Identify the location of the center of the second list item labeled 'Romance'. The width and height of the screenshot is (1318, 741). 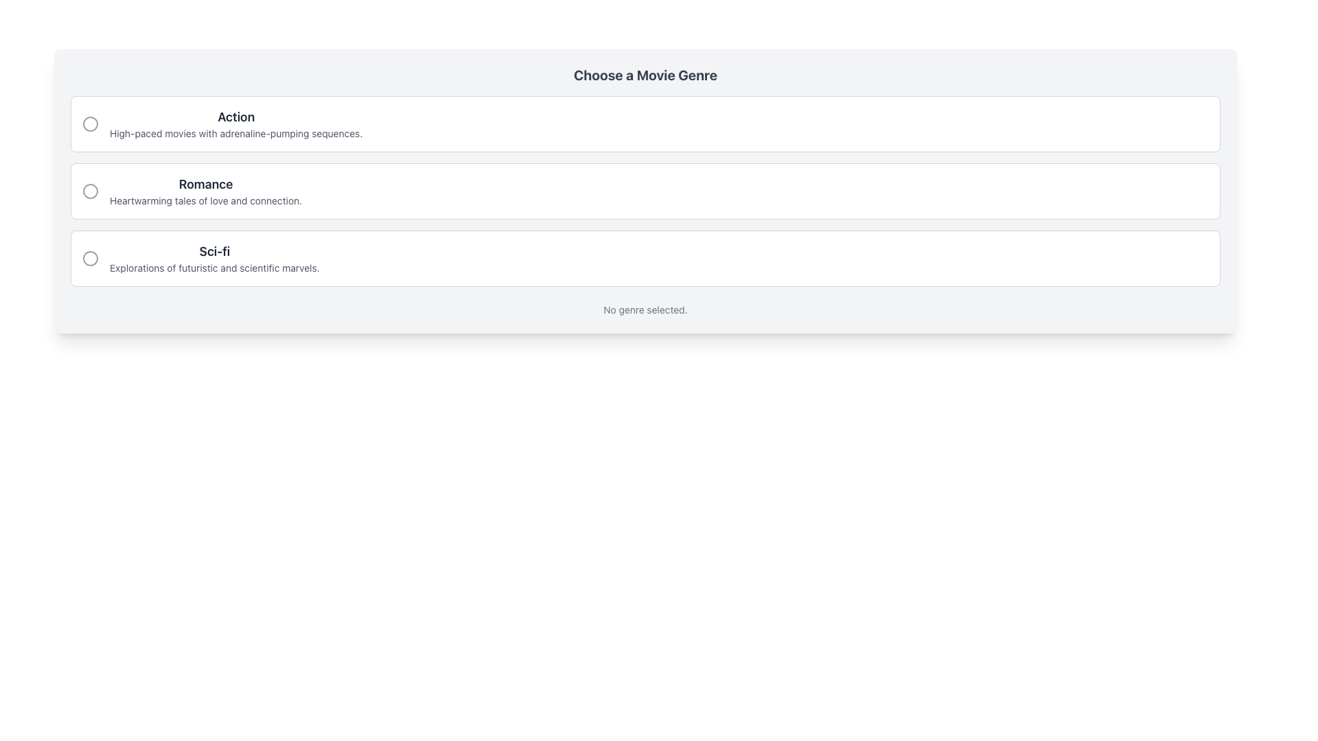
(645, 191).